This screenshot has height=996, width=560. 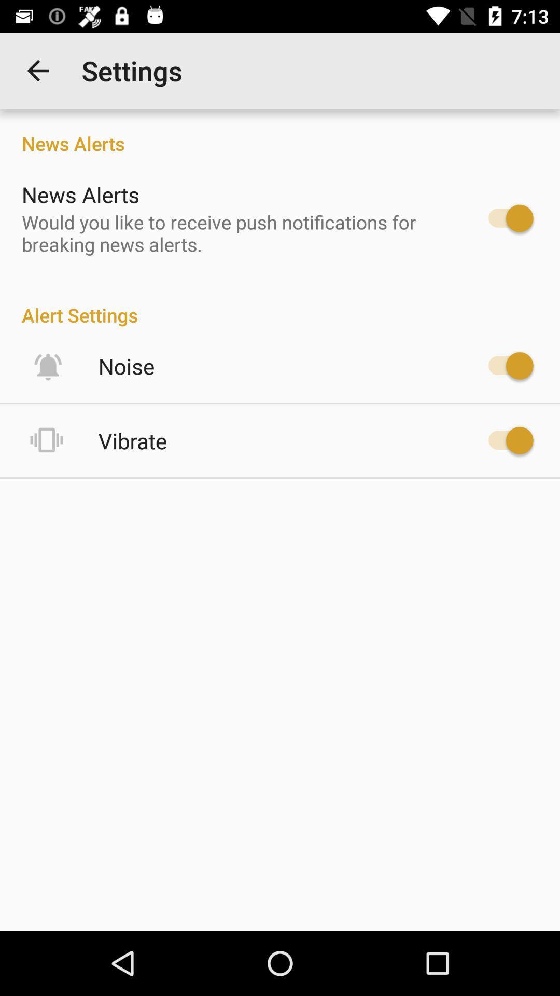 What do you see at coordinates (236, 232) in the screenshot?
I see `item above alert settings` at bounding box center [236, 232].